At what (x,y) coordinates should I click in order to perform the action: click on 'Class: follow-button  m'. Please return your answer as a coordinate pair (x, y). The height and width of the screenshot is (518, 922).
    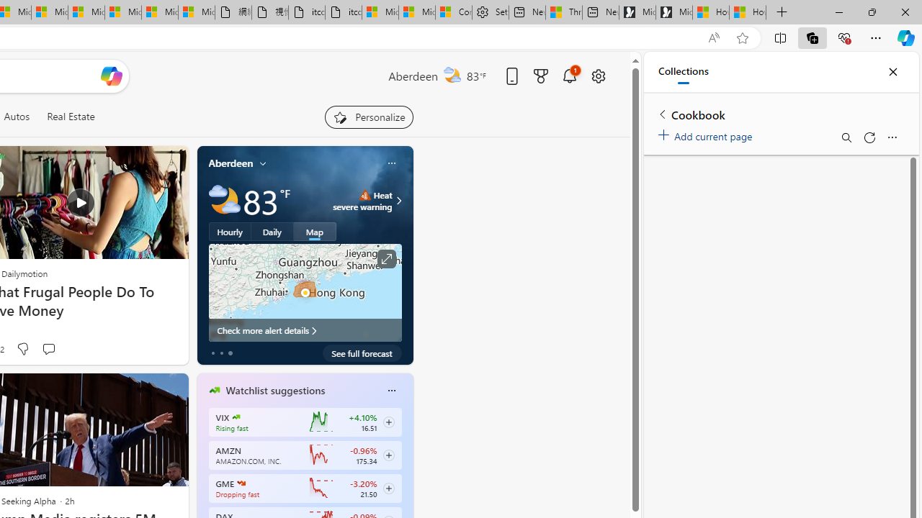
    Looking at the image, I should click on (388, 487).